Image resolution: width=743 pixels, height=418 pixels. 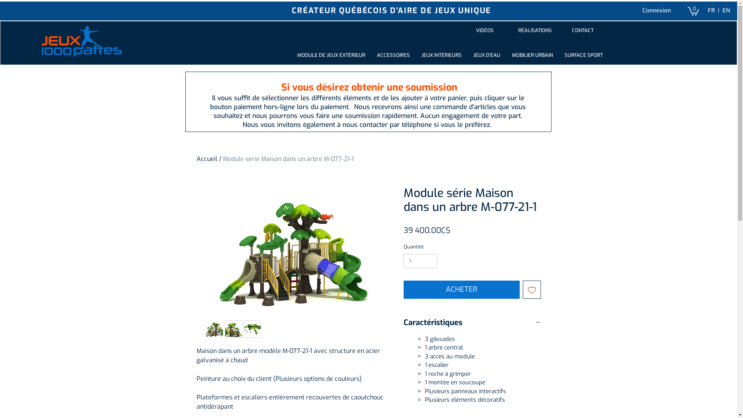 What do you see at coordinates (486, 55) in the screenshot?
I see `'JEUX D'EAU'` at bounding box center [486, 55].